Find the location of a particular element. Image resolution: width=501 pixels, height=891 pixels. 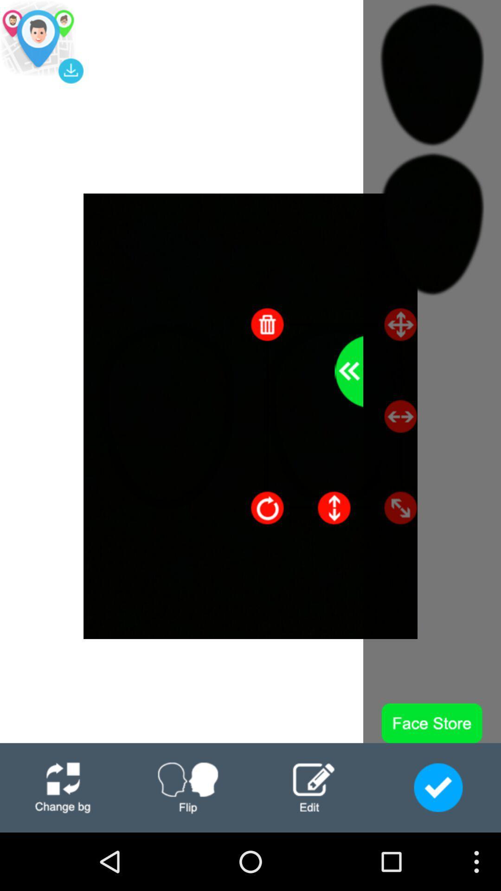

tik option is located at coordinates (438, 787).